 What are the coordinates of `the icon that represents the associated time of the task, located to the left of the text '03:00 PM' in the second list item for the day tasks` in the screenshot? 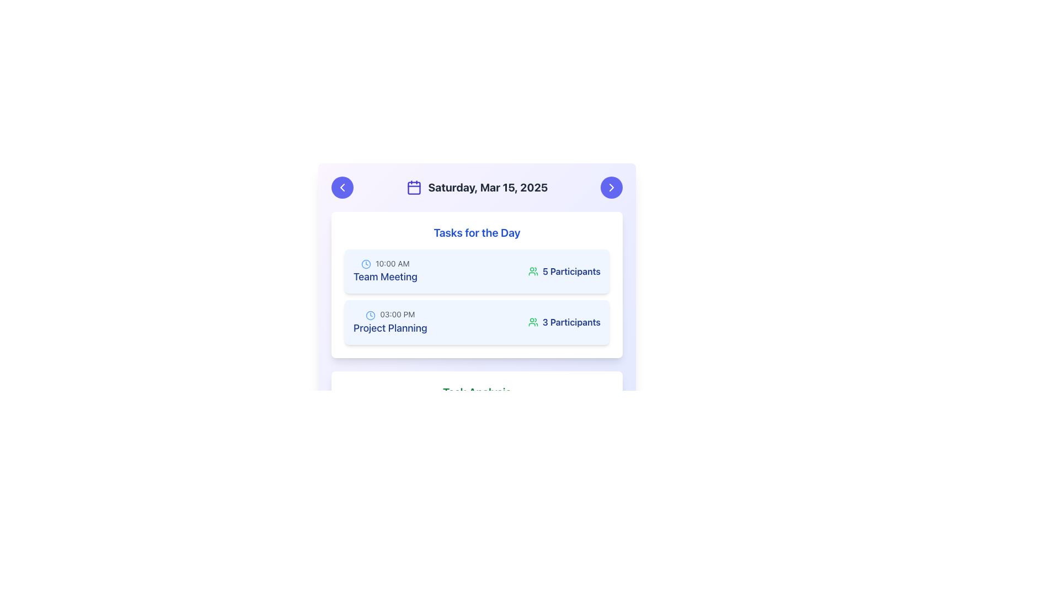 It's located at (371, 315).